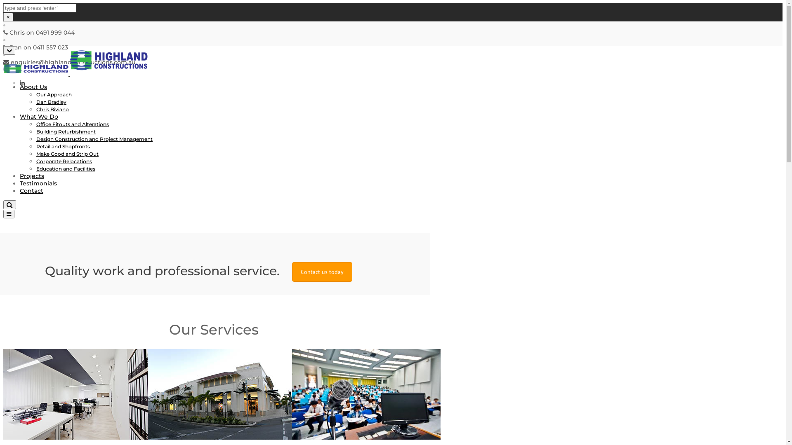  What do you see at coordinates (38, 116) in the screenshot?
I see `'What We Do'` at bounding box center [38, 116].